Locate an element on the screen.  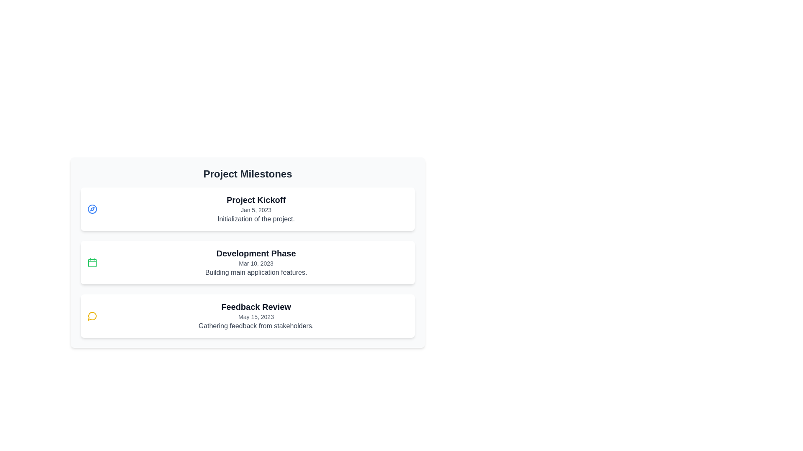
the speech bubble icon within the 'Feedback Review' entry in the 'Project Milestones' section is located at coordinates (92, 316).